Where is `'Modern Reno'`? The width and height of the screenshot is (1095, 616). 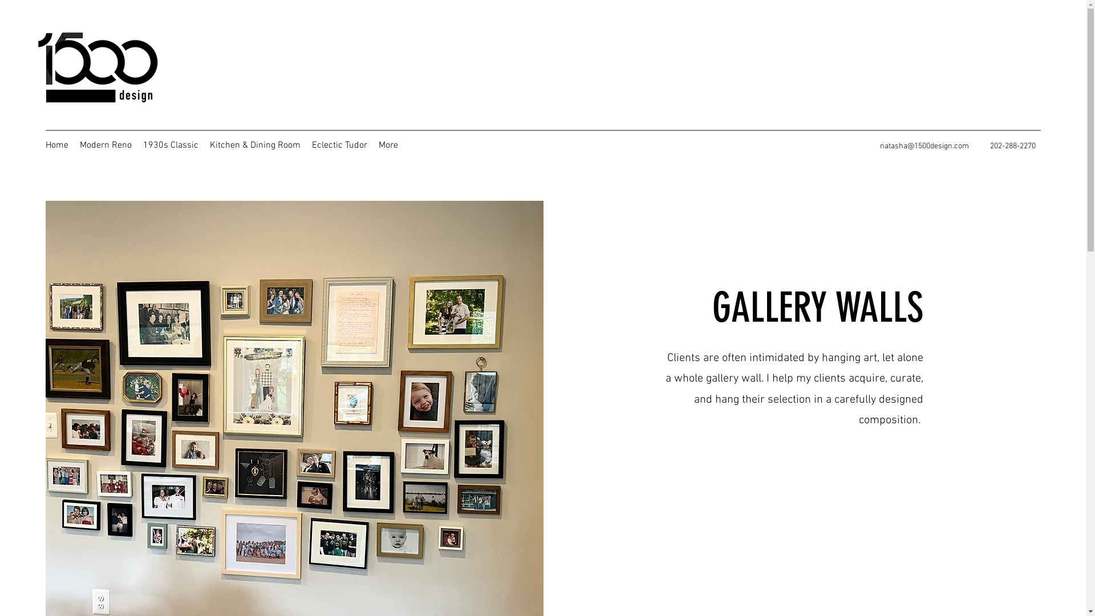 'Modern Reno' is located at coordinates (73, 144).